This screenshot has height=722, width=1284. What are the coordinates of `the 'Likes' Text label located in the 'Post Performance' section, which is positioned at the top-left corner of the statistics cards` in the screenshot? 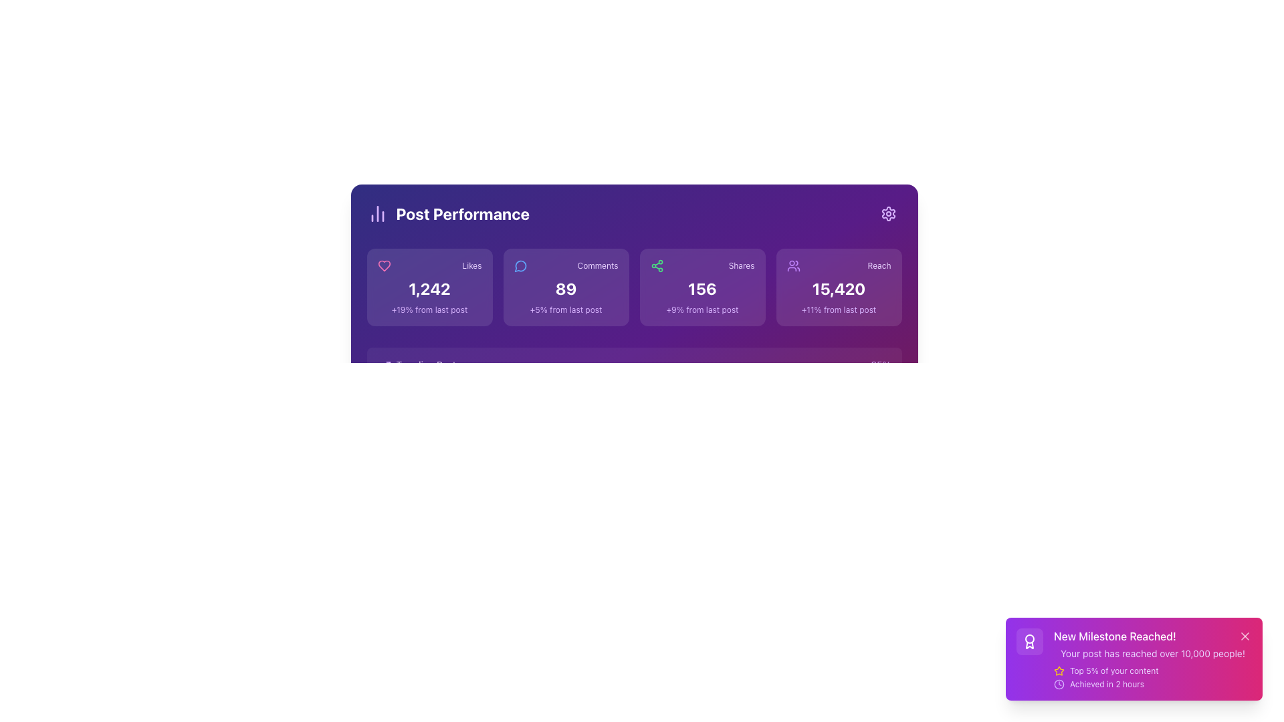 It's located at (471, 265).